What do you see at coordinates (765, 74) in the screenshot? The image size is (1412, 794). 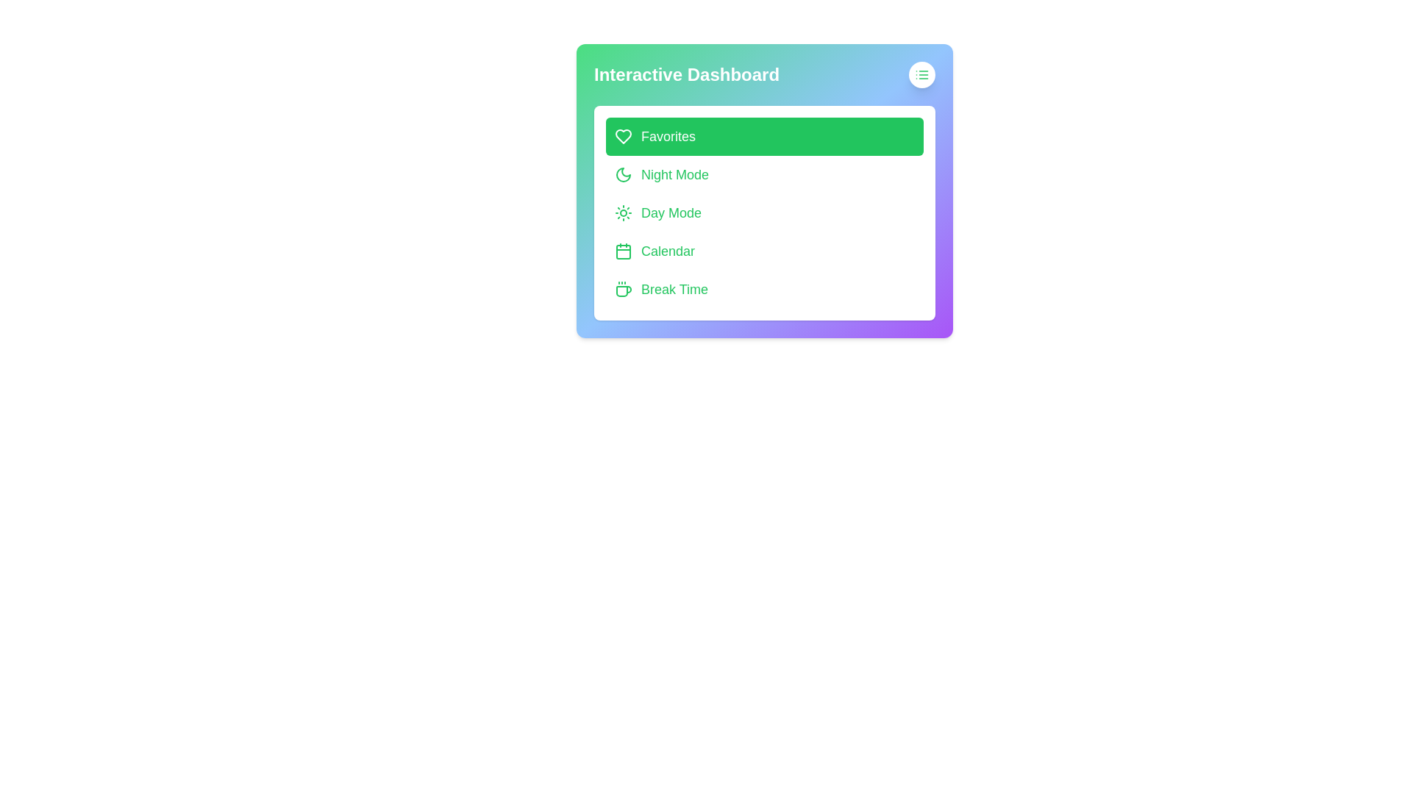 I see `the menu header text to highlight or focus on it` at bounding box center [765, 74].